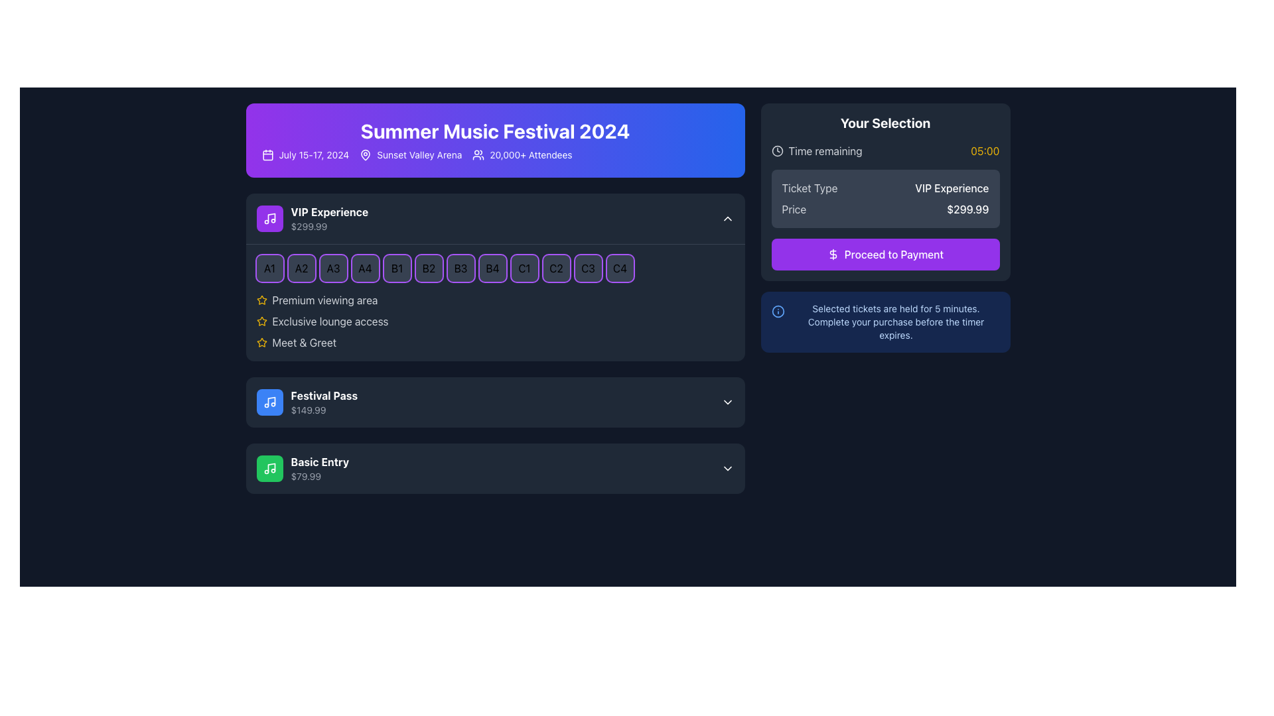 Image resolution: width=1274 pixels, height=716 pixels. I want to click on the SVG-based icon with a circular outline representing time, located in the 'Your Selection' summary panel preceding the 'Time Remaining' label, so click(777, 150).